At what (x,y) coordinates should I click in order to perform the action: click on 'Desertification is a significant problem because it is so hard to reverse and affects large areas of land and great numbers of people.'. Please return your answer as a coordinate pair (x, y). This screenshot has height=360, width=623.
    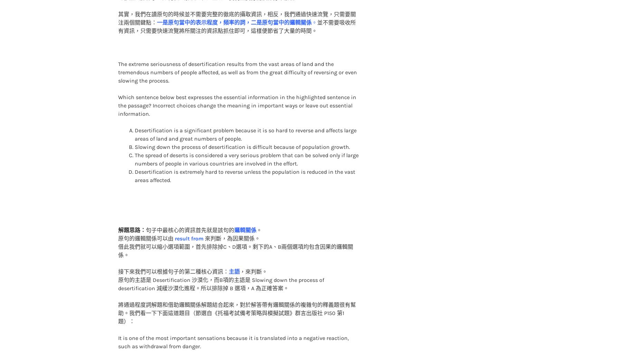
    Looking at the image, I should click on (245, 120).